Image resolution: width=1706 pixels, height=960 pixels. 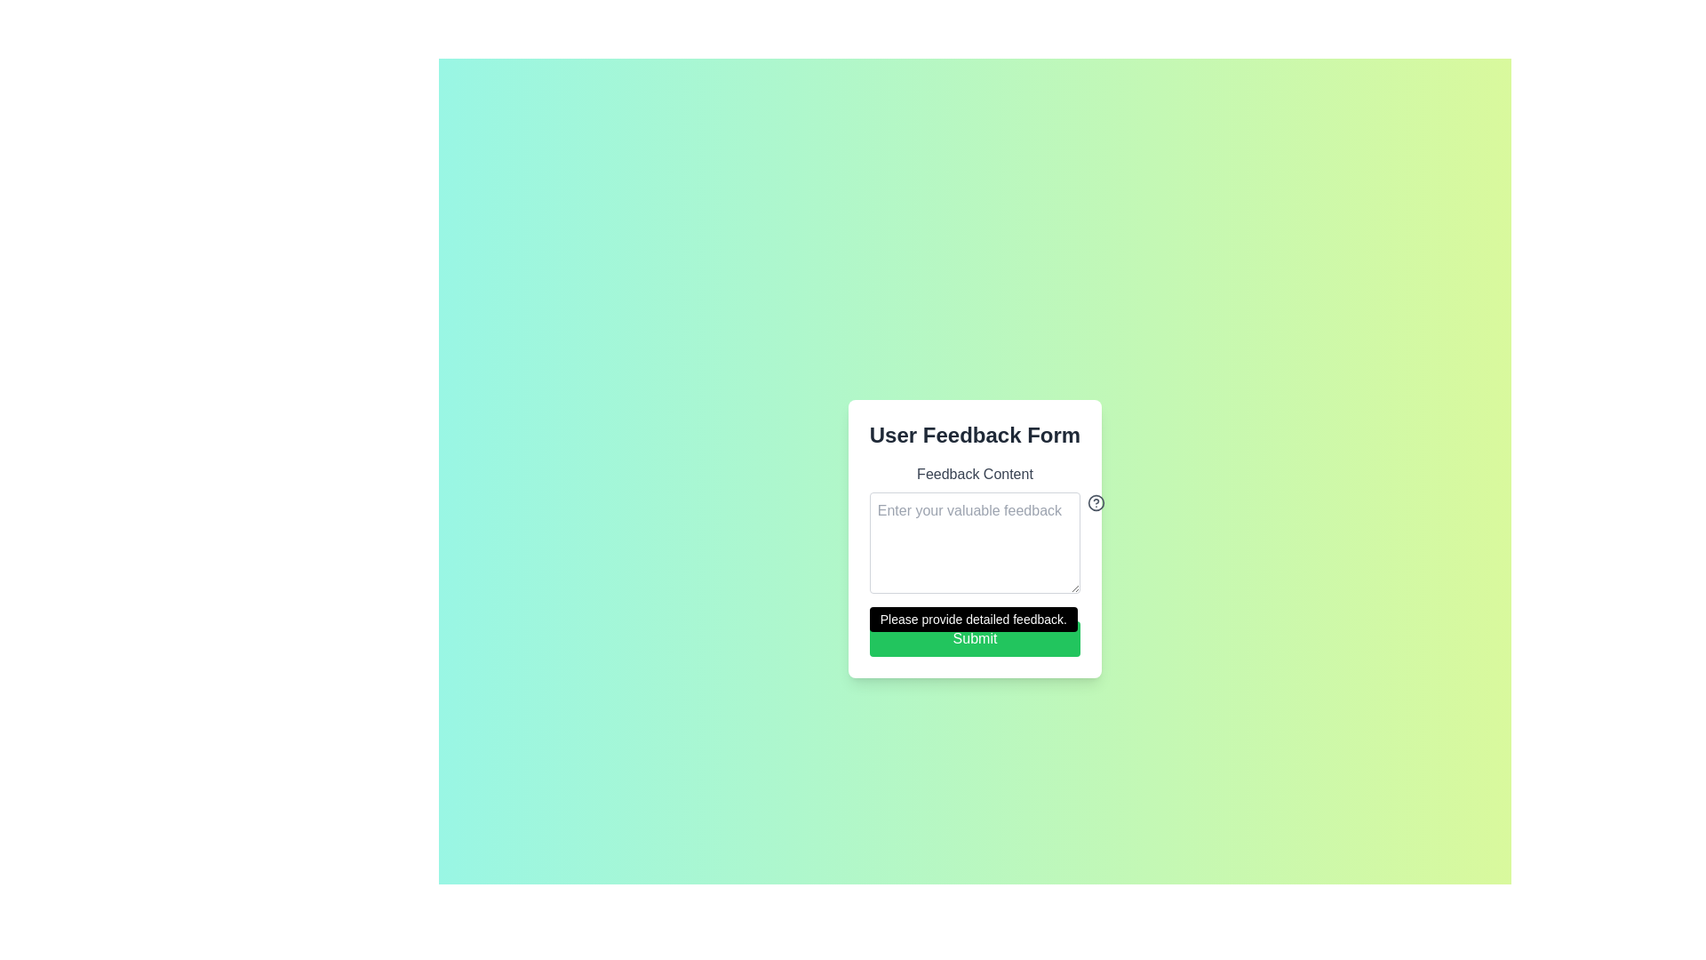 I want to click on the static tooltip located below the 'Feedback Content' text input area and above the 'Submit' button in the feedback form, so click(x=972, y=618).